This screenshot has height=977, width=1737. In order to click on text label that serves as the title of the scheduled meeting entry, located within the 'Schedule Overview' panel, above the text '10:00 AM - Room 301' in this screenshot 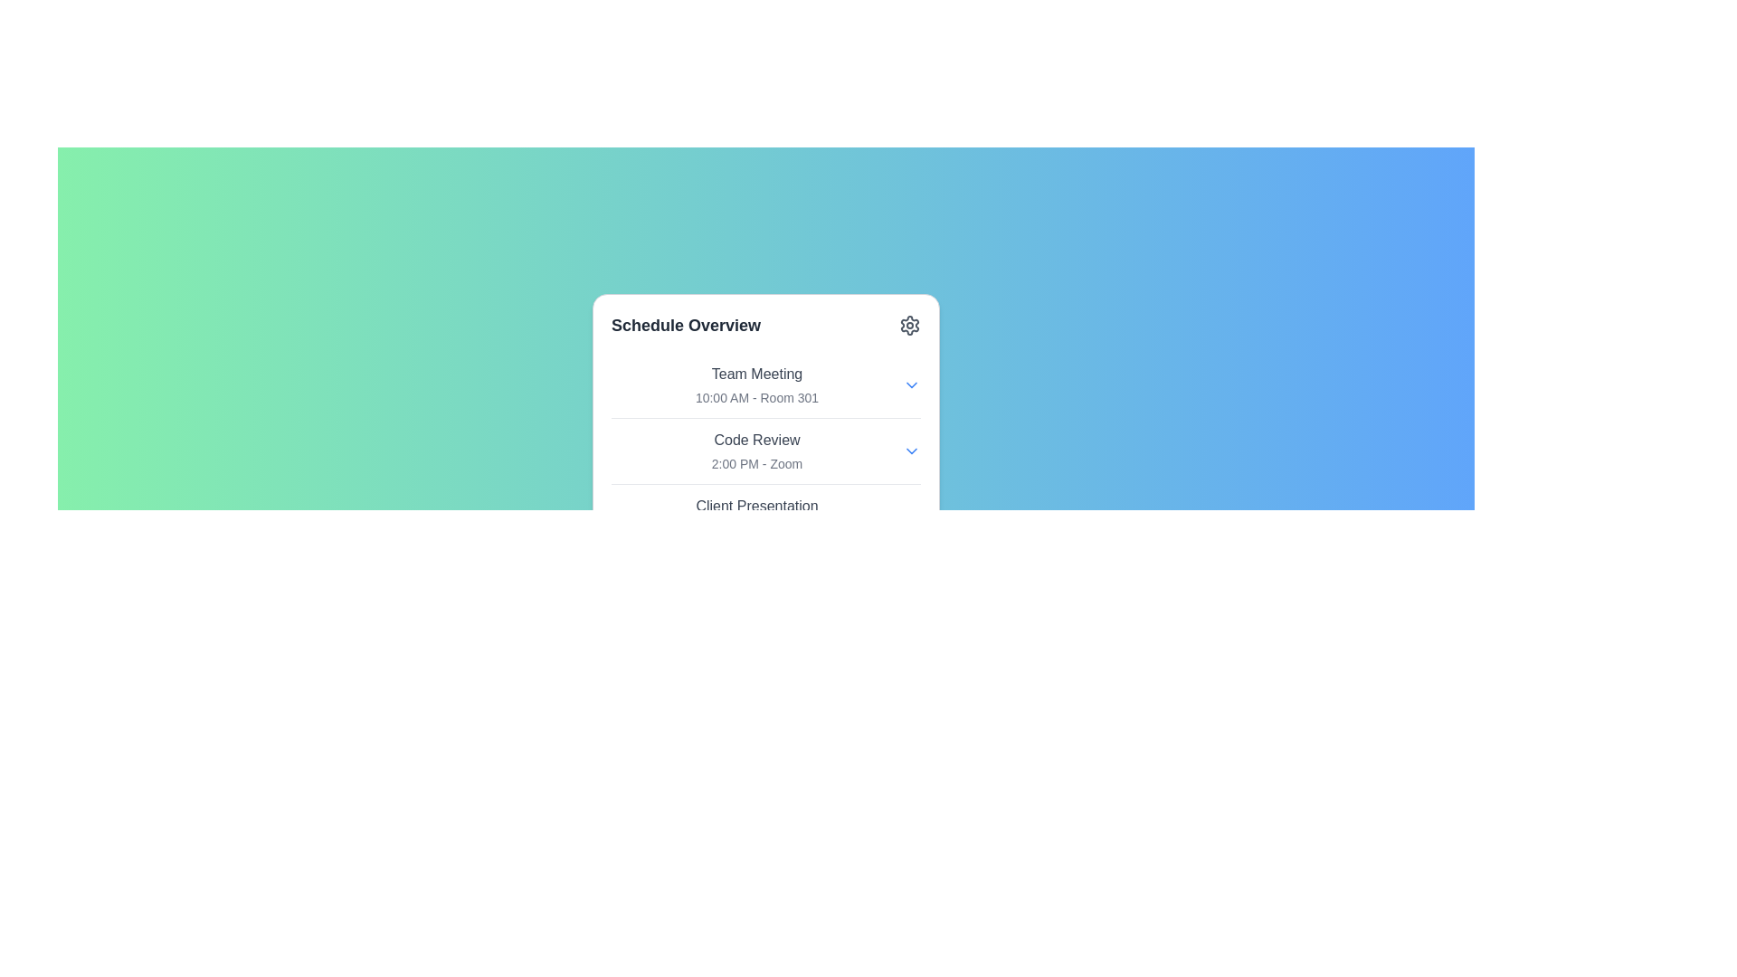, I will do `click(756, 373)`.